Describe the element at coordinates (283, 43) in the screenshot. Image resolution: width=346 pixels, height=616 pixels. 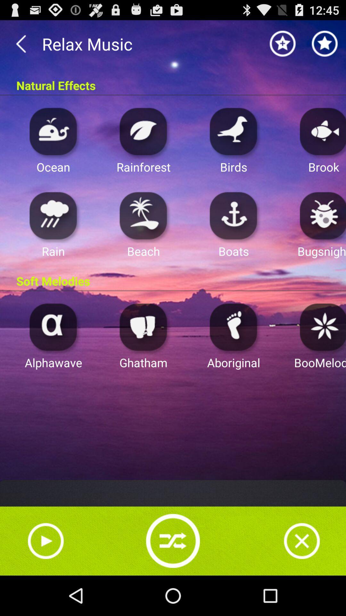
I see `favourite` at that location.